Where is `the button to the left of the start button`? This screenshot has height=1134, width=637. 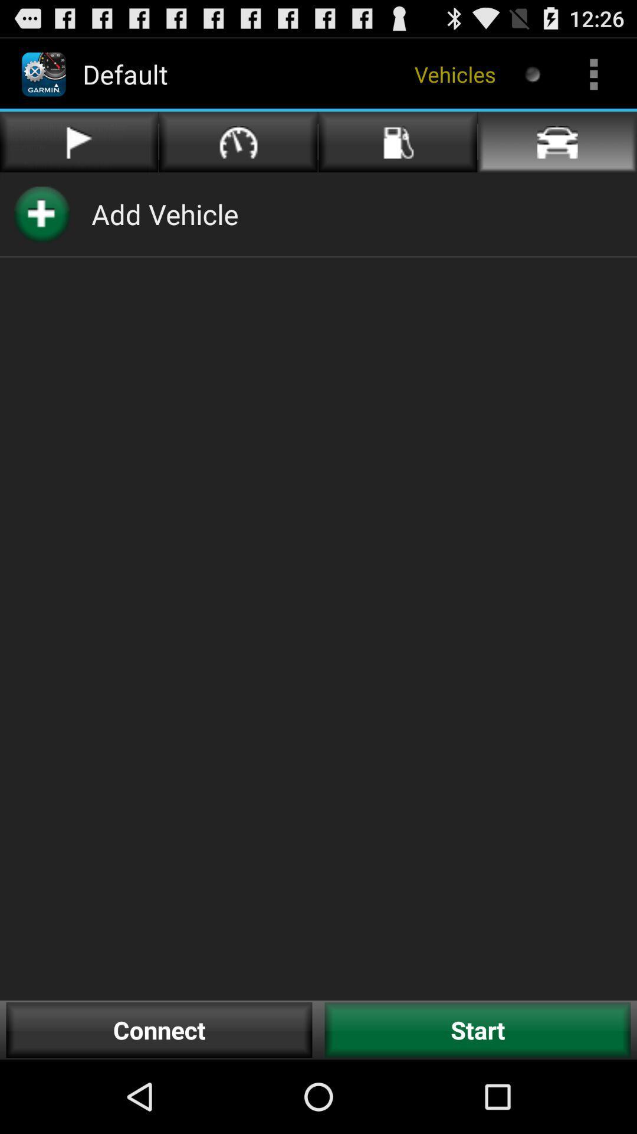
the button to the left of the start button is located at coordinates (159, 1029).